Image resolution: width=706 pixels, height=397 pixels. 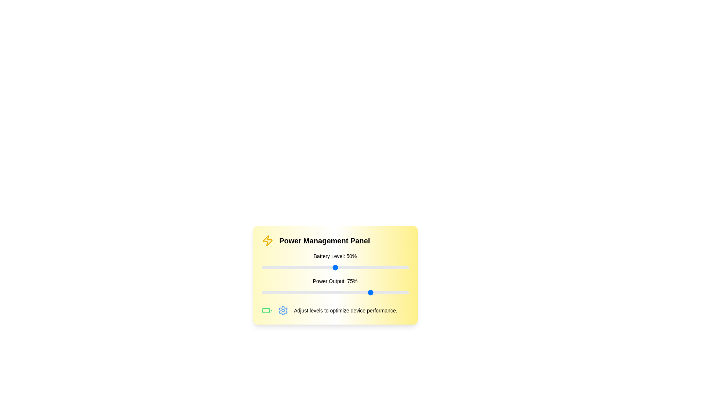 What do you see at coordinates (405, 268) in the screenshot?
I see `the 'Battery Level' slider to 98%` at bounding box center [405, 268].